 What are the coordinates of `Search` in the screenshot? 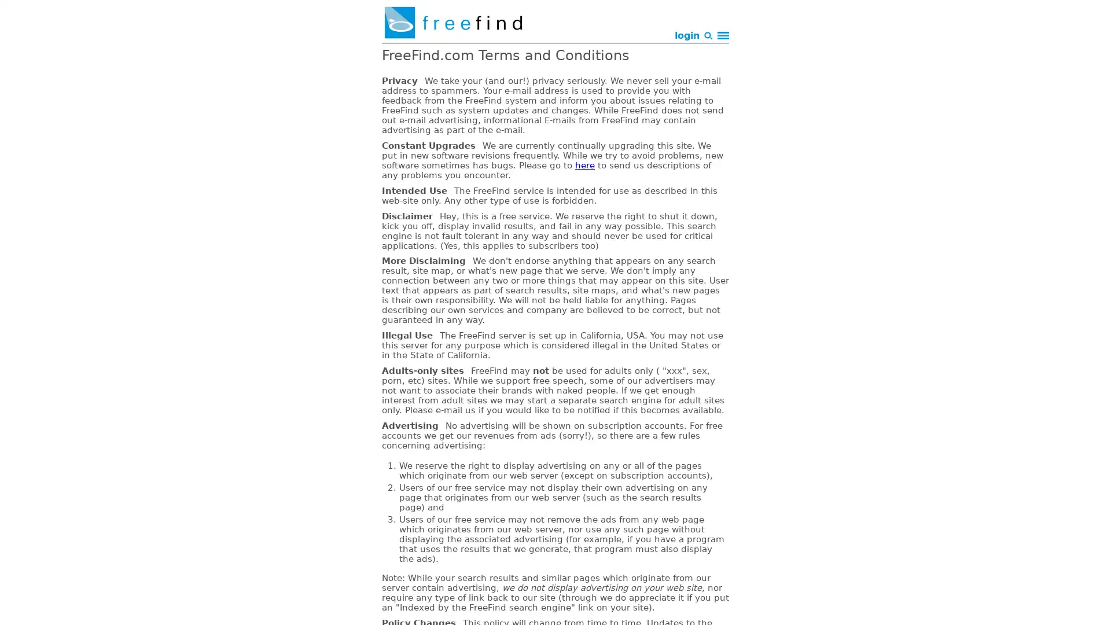 It's located at (627, 57).